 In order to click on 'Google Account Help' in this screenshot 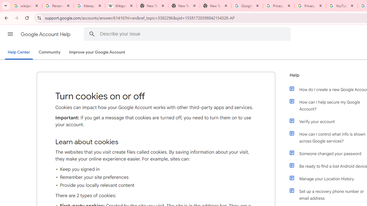, I will do `click(46, 34)`.